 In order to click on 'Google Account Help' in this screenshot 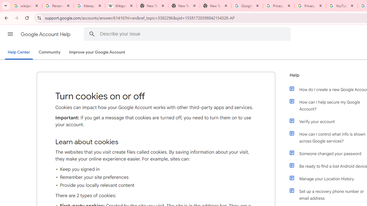, I will do `click(46, 34)`.